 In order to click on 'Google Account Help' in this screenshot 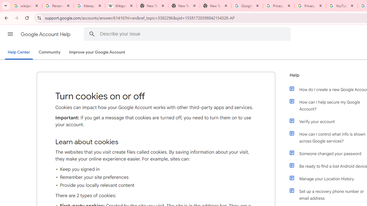, I will do `click(46, 34)`.